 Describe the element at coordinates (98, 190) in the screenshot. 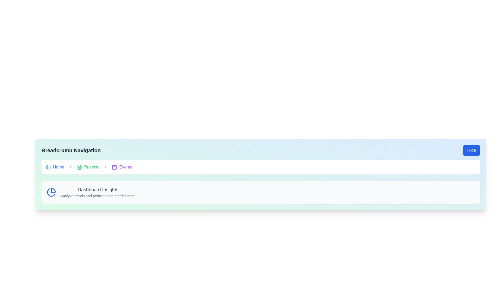

I see `text label that serves as the title or heading for the dashboard section, positioned above the text 'Analyze trends and performance metrics here.'` at that location.